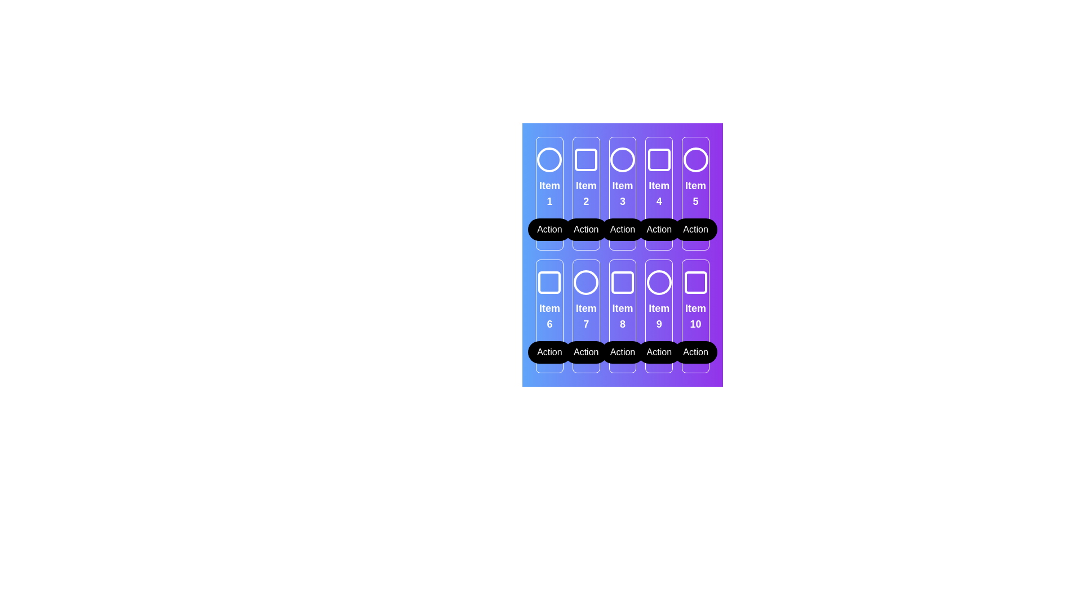 This screenshot has width=1082, height=608. Describe the element at coordinates (622, 316) in the screenshot. I see `the Text Label indicating 'Item 8' located in the central column of the second row in the UI grid layout` at that location.